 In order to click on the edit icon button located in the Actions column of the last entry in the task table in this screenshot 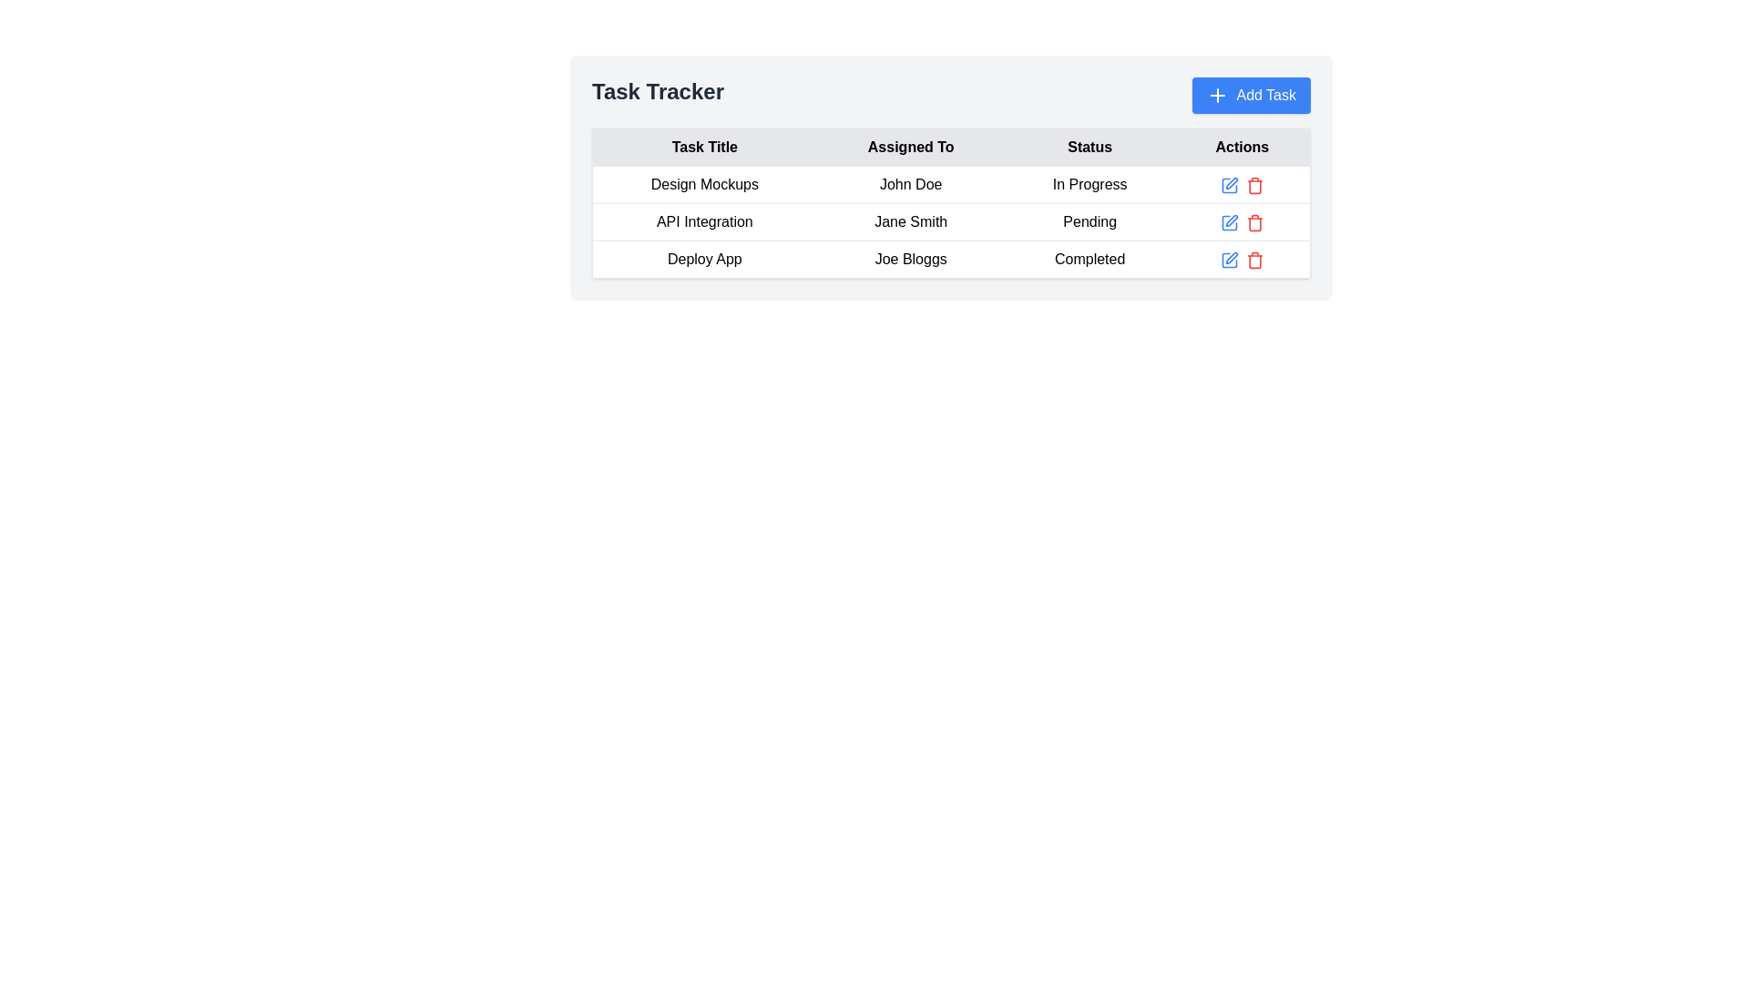, I will do `click(1232, 258)`.